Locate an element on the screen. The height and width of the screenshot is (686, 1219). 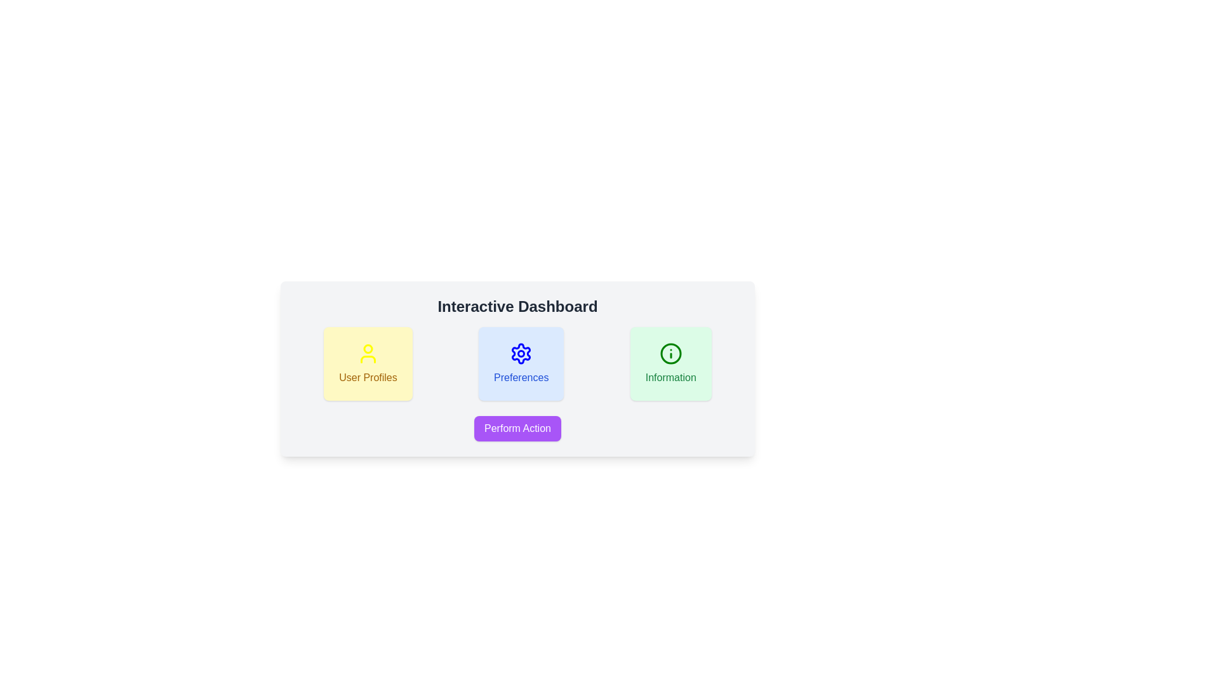
the yellow square tile labeled 'User Profiles' surrounding the user profile icon is located at coordinates (368, 360).